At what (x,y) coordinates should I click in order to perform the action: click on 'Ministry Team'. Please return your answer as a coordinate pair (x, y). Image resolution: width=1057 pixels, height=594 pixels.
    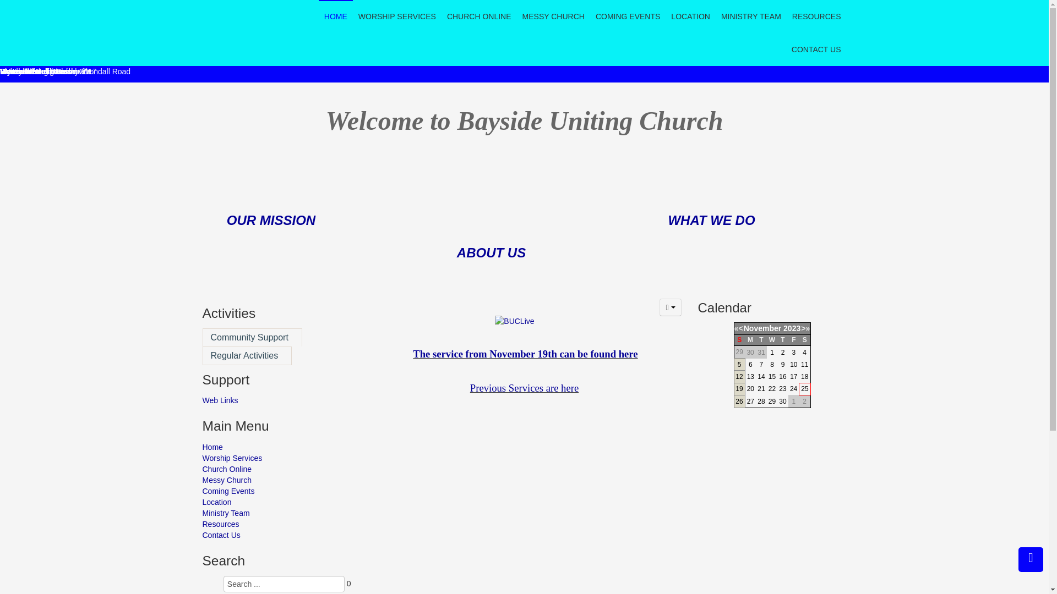
    Looking at the image, I should click on (277, 513).